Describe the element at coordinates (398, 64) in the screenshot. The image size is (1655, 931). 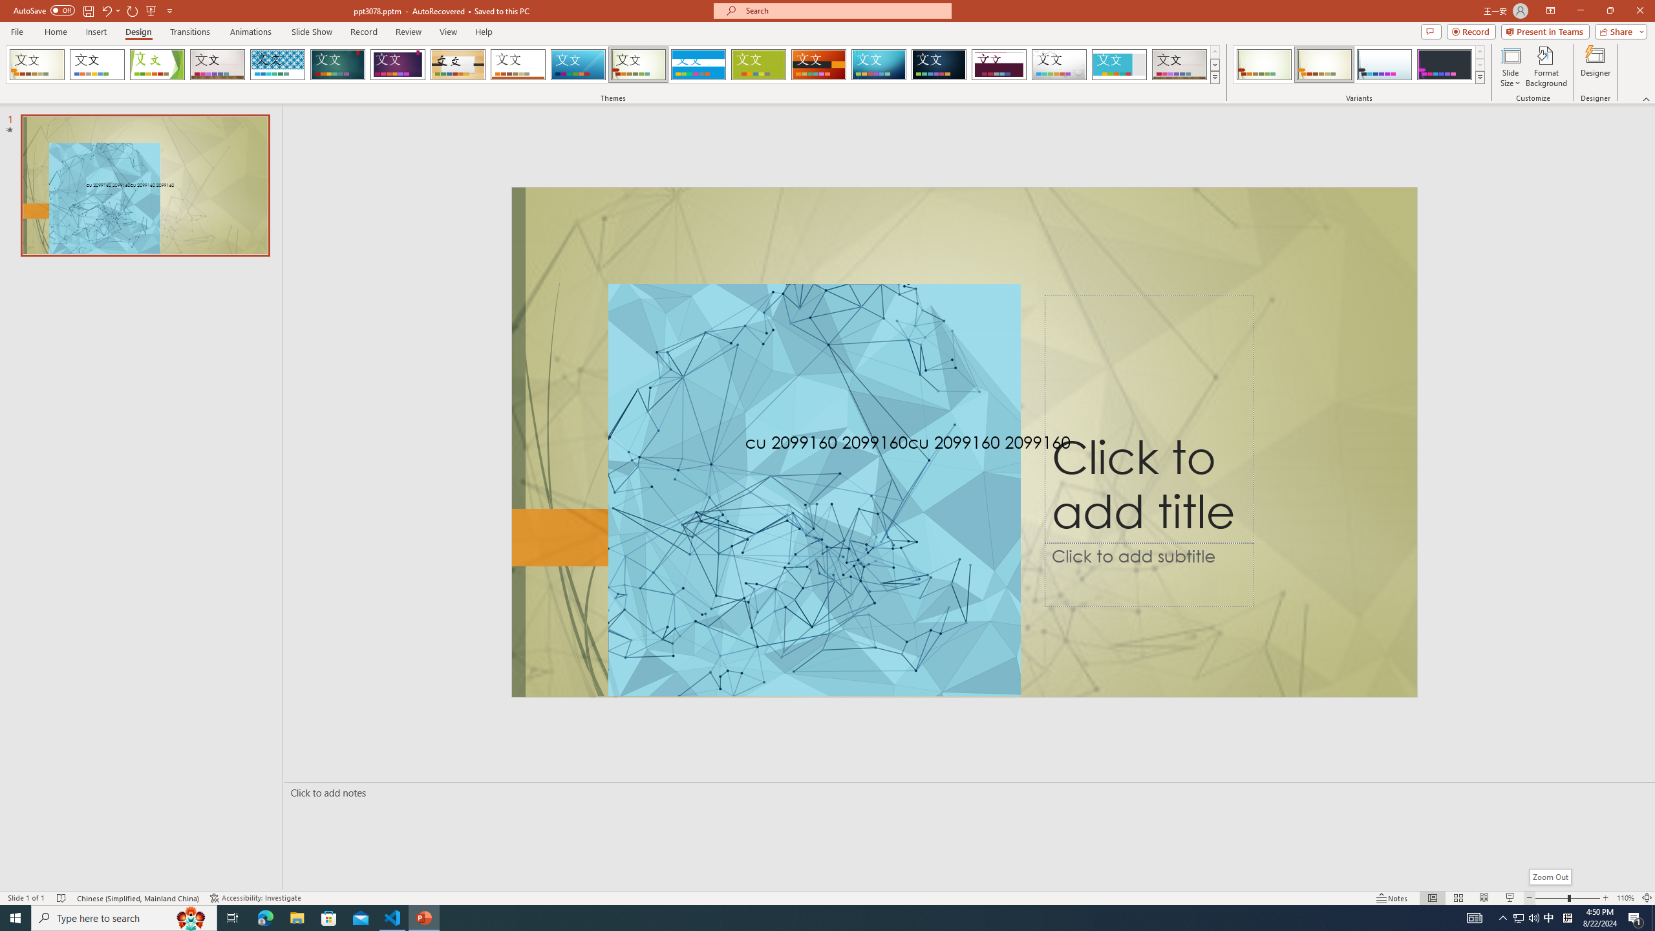
I see `'Ion Boardroom Loading Preview...'` at that location.